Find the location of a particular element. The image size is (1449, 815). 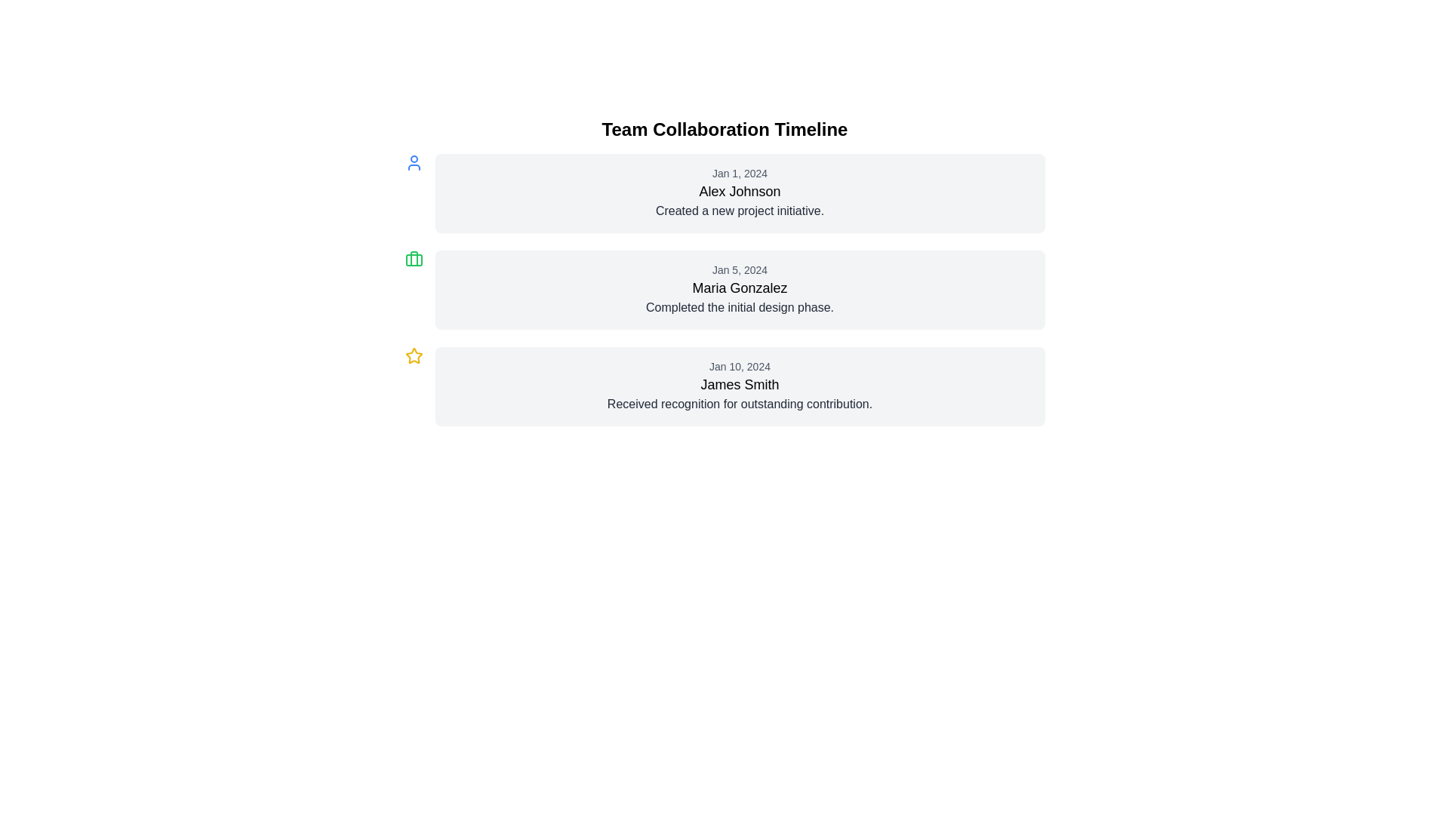

the design of the green rectangular element with rounded corners, which is part of the icon group representing briefcase functionality, centered with the timeline's second entry is located at coordinates (414, 259).